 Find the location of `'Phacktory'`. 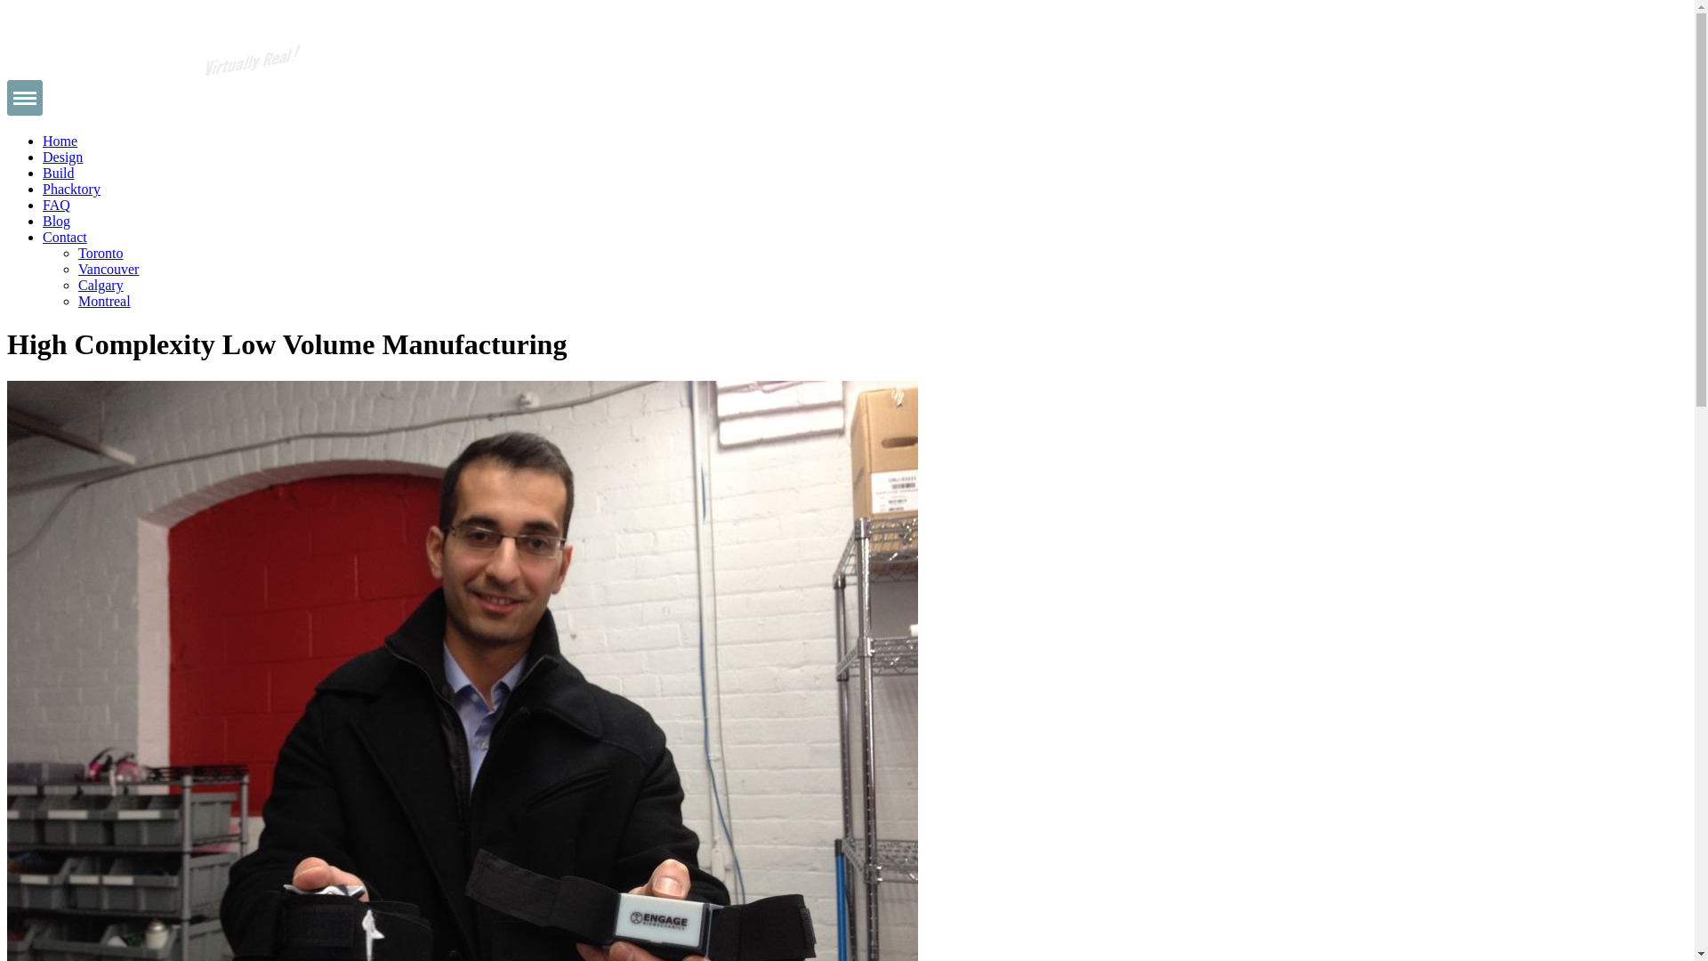

'Phacktory' is located at coordinates (71, 189).